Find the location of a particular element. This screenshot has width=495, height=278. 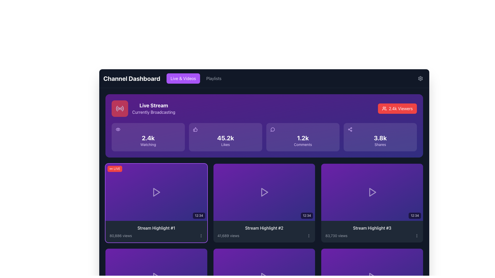

the triangular play icon with a light purple outline located in the 'Stream Highlight #1' card is located at coordinates (156, 192).